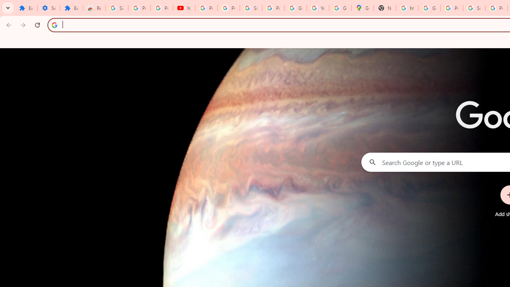  What do you see at coordinates (94, 8) in the screenshot?
I see `'Reviews: Helix Fruit Jump Arcade Game'` at bounding box center [94, 8].